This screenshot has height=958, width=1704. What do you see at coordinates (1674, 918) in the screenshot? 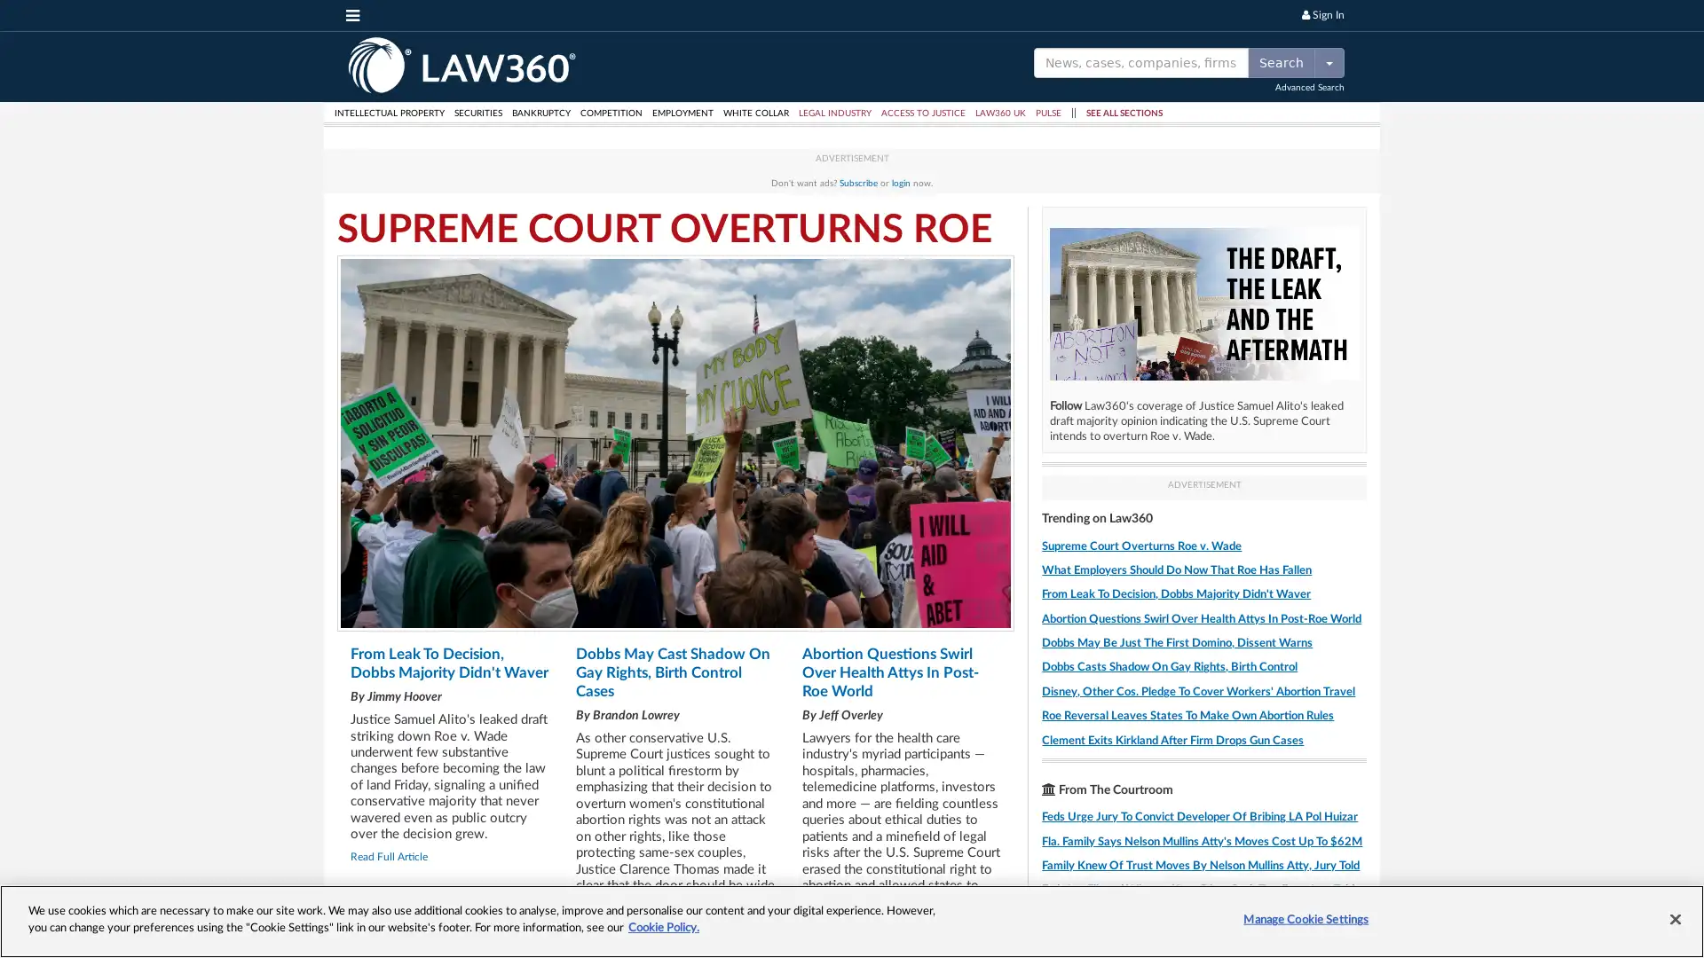
I see `Close` at bounding box center [1674, 918].